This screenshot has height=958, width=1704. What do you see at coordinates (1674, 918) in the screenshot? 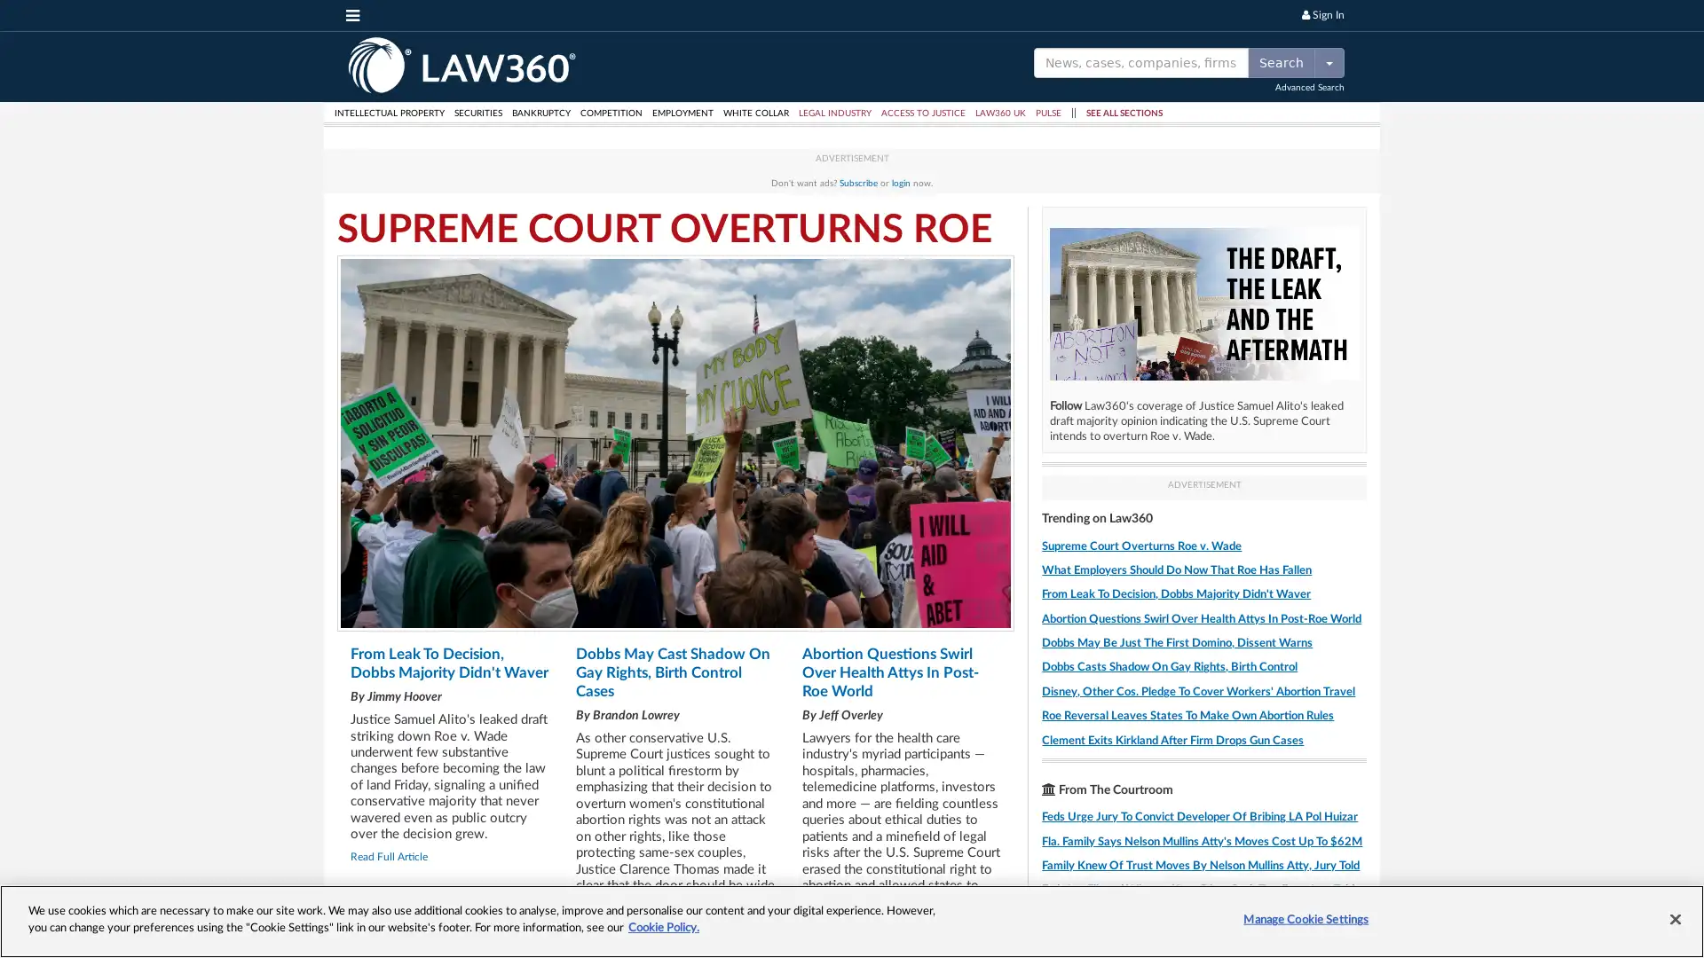
I see `Close` at bounding box center [1674, 918].